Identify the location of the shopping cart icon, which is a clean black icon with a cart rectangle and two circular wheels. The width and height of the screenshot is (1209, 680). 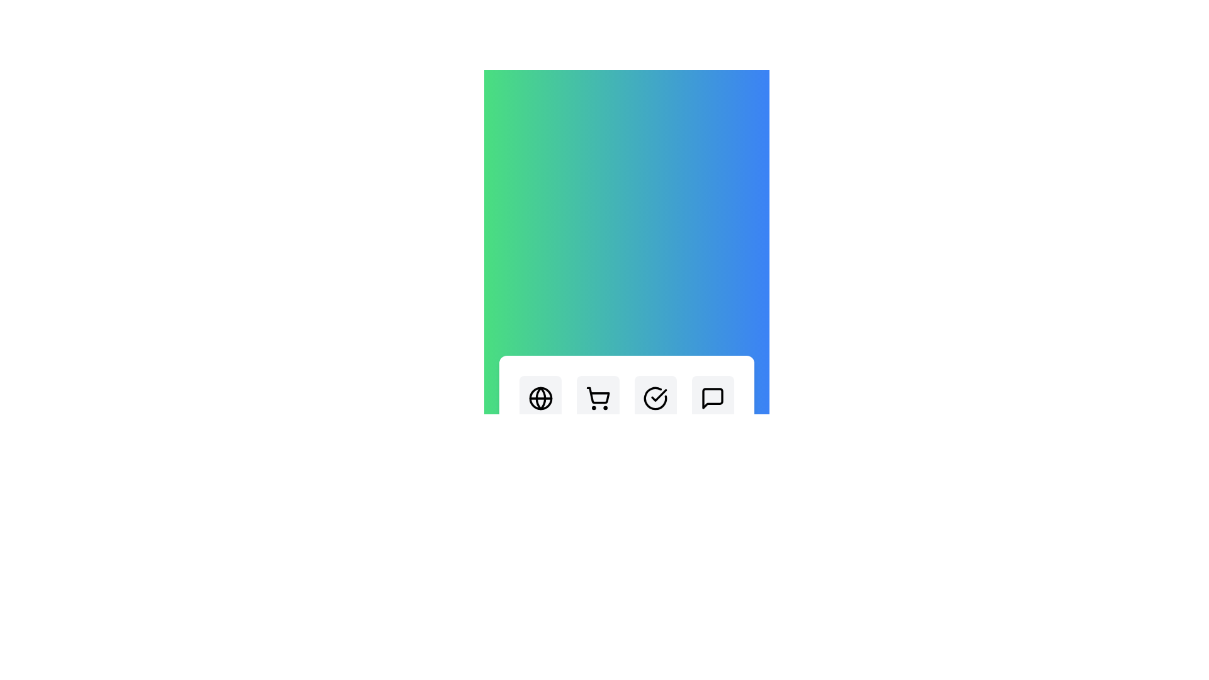
(597, 398).